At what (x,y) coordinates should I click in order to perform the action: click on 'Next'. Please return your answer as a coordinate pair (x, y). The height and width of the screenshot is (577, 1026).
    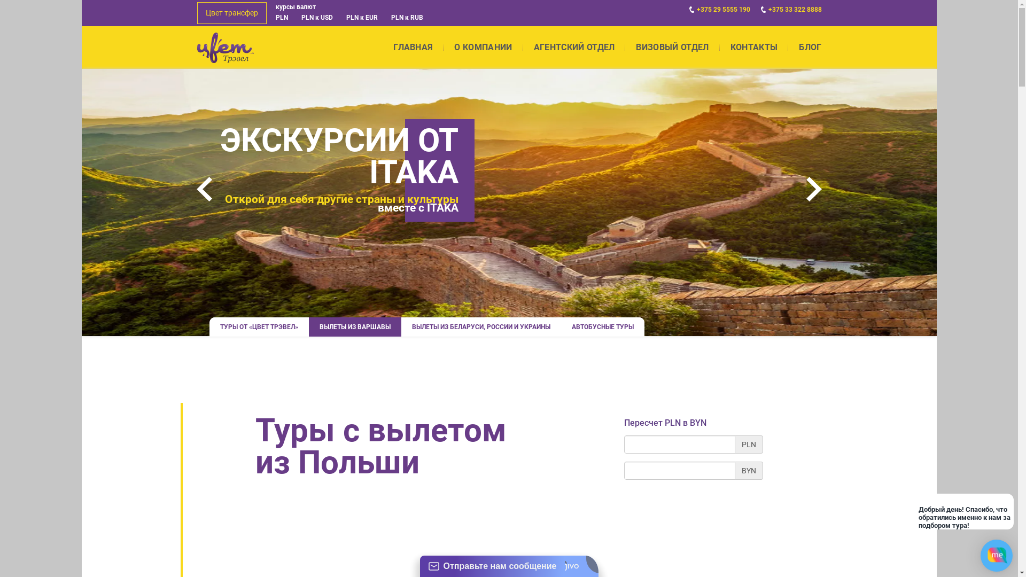
    Looking at the image, I should click on (813, 189).